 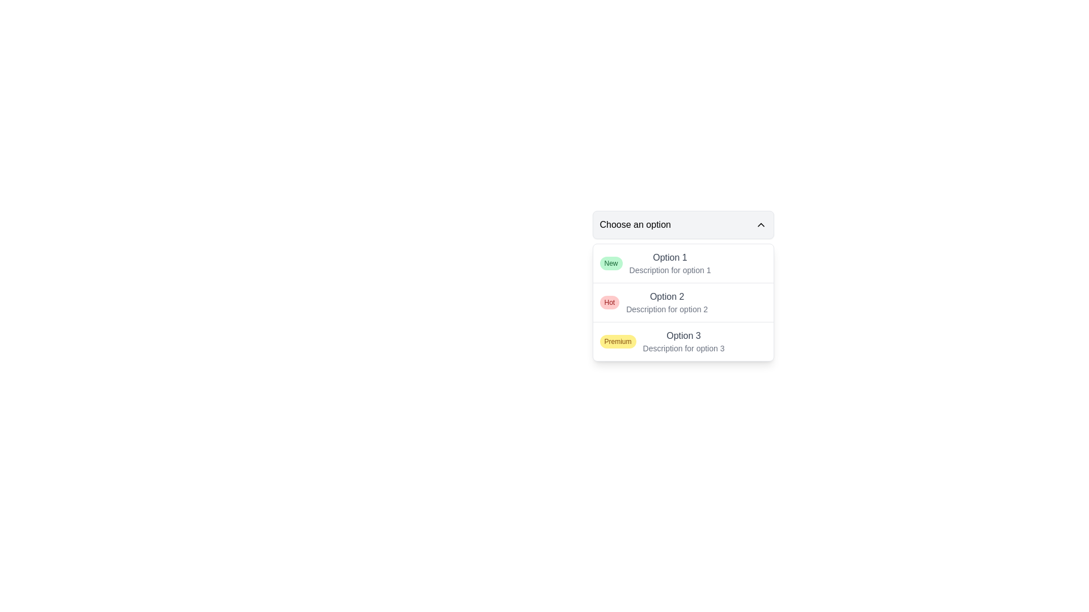 I want to click on the second option in the list, which has a label and description along with a 'Hot' badge on its left side, so click(x=667, y=301).